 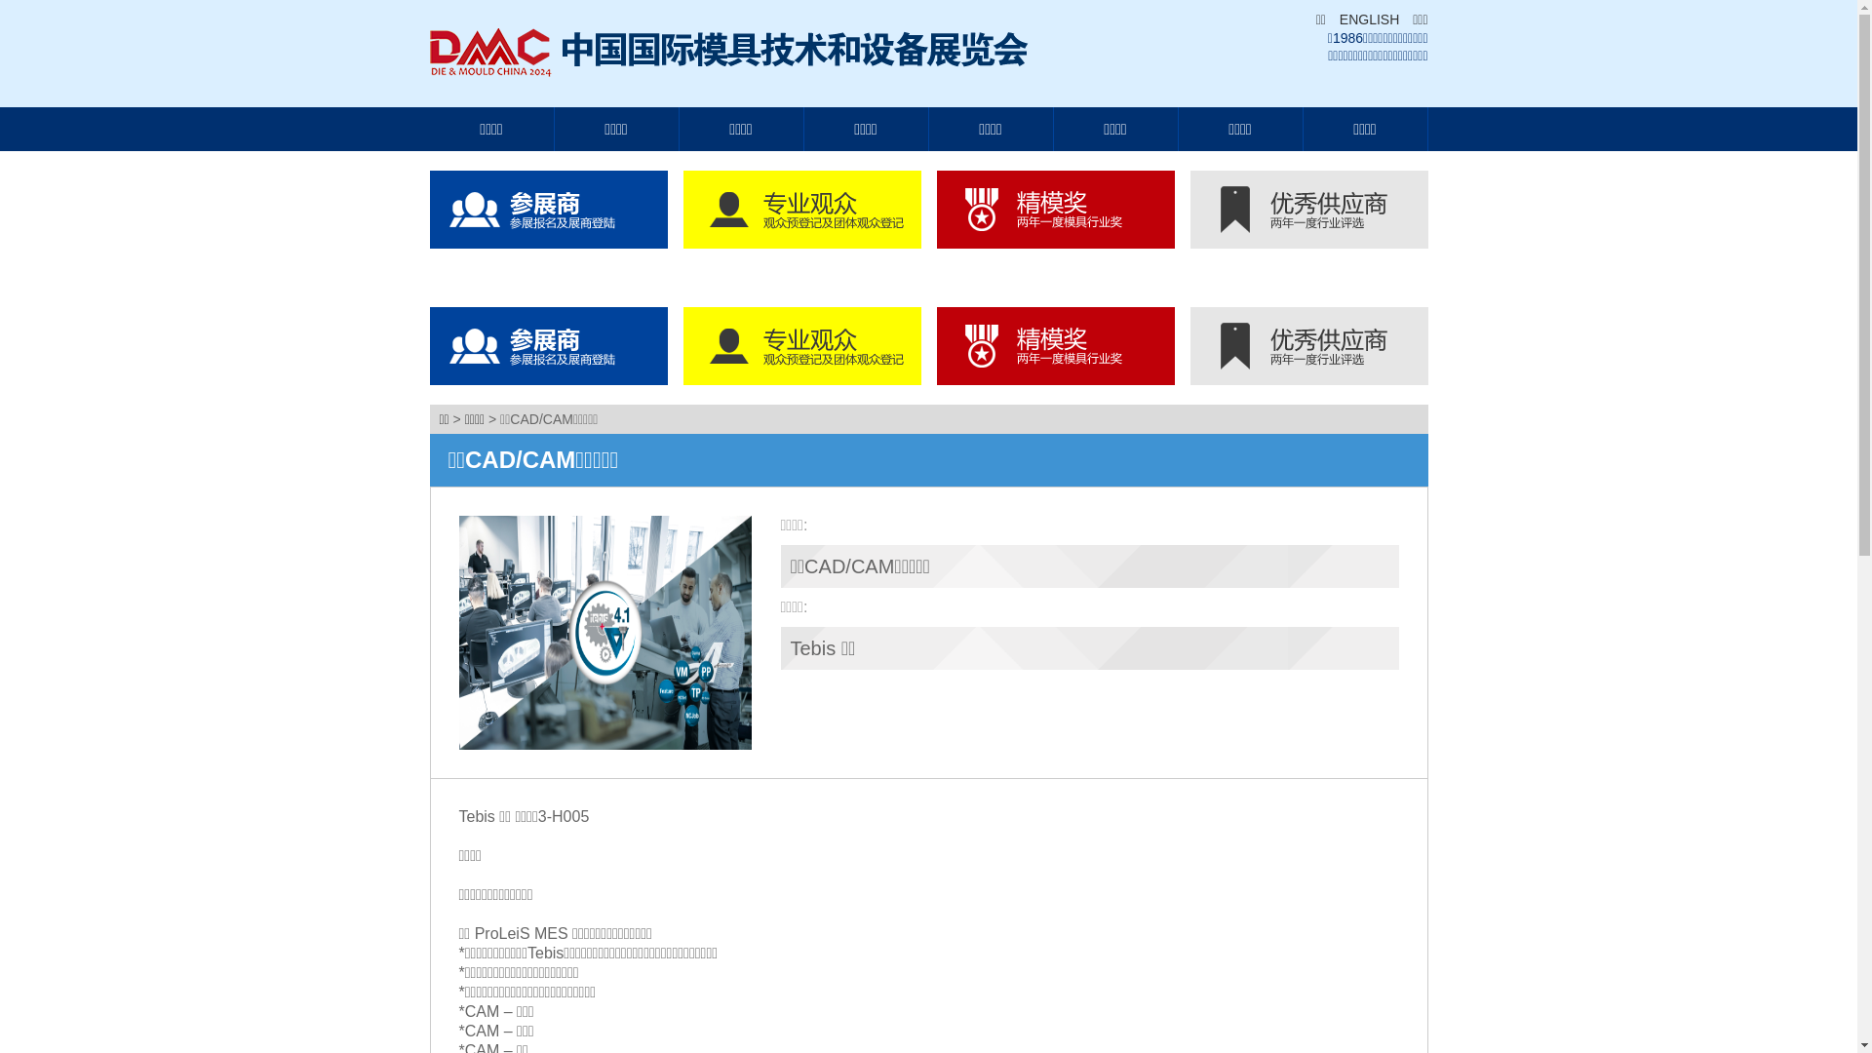 What do you see at coordinates (1363, 19) in the screenshot?
I see `'ENGLISH'` at bounding box center [1363, 19].